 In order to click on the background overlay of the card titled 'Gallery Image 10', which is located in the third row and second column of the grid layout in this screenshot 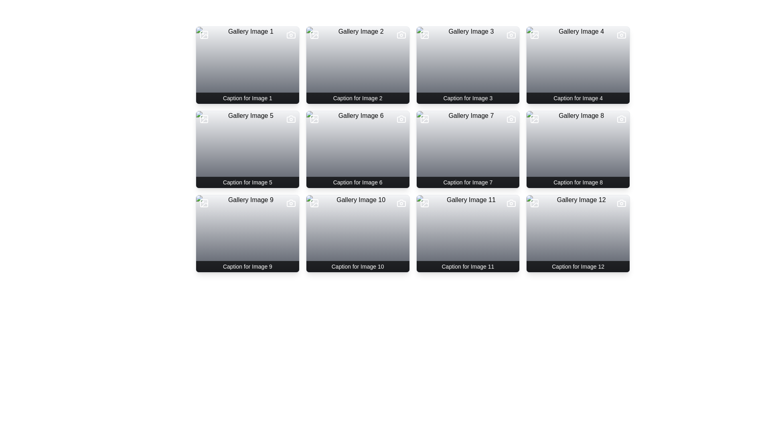, I will do `click(357, 233)`.